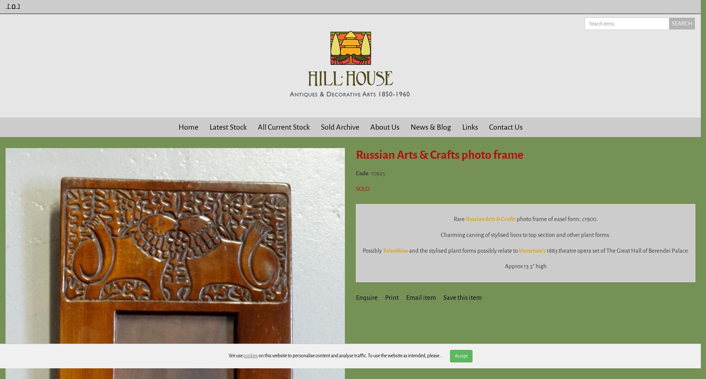 The height and width of the screenshot is (379, 706). I want to click on 'photo frame of easel form; c1900.', so click(556, 219).